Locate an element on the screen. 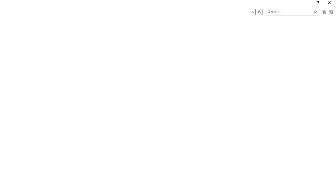  'Refresh "Home" (F5)' is located at coordinates (259, 12).